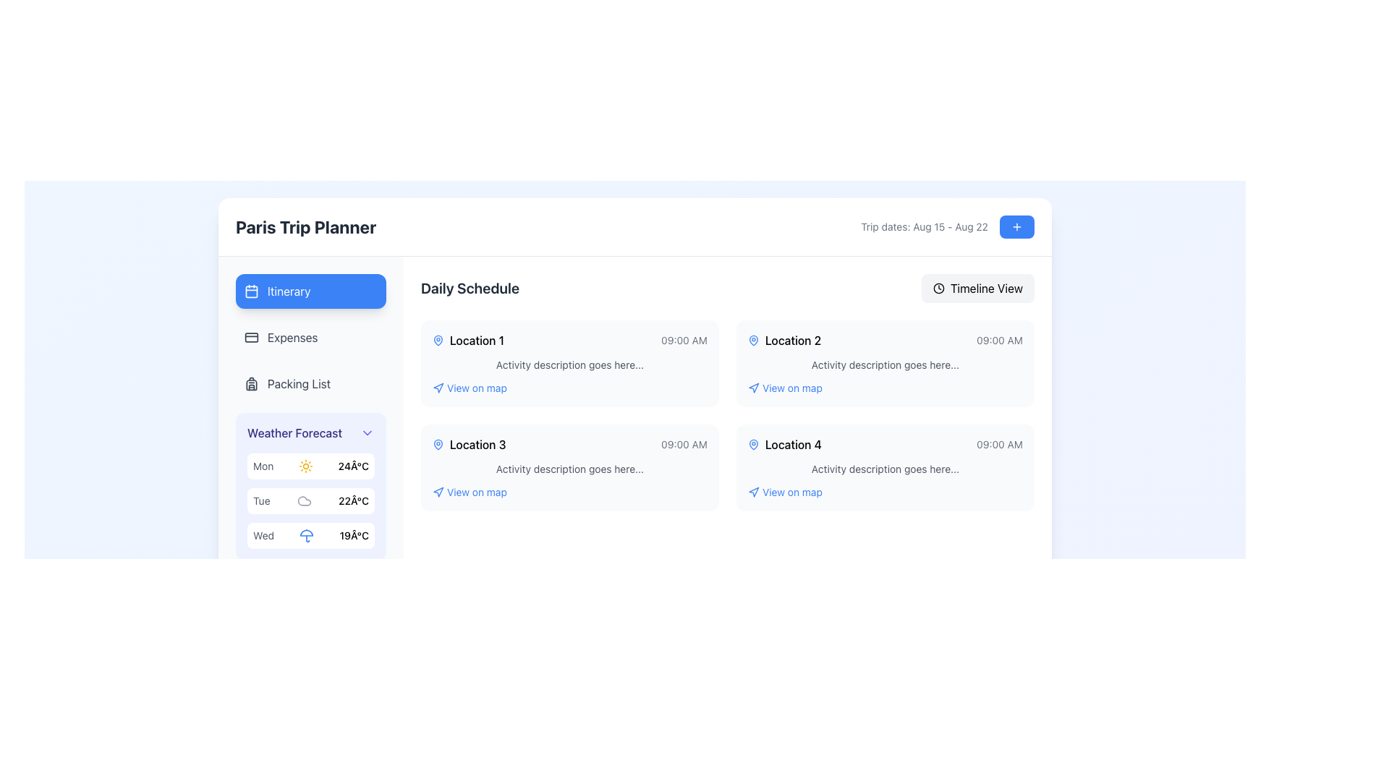 Image resolution: width=1389 pixels, height=781 pixels. I want to click on the weather details section located in the Sidebar navigation panel, which is positioned in the top-left corner of the UI layout and is the third item in the sidebar menu, just below the 'Packing List' entry, so click(310, 417).